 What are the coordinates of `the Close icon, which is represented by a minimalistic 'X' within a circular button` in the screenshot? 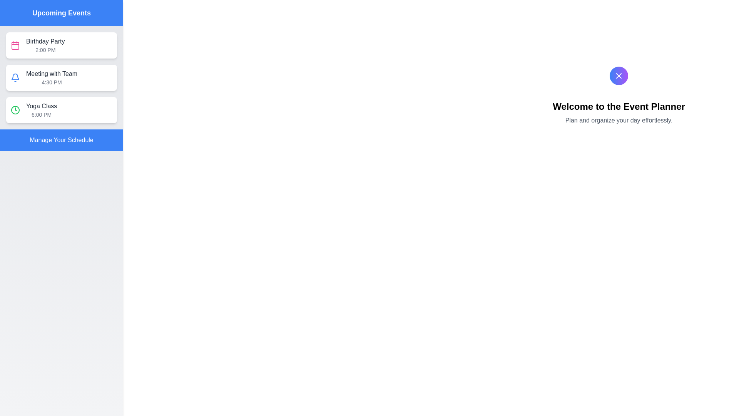 It's located at (619, 75).